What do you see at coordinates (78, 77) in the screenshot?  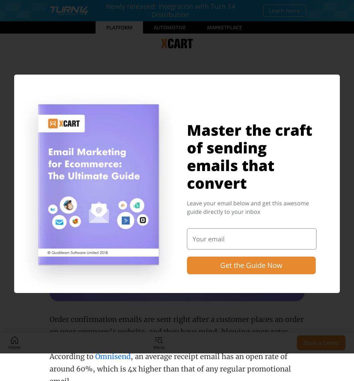 I see `'Back to Blog'` at bounding box center [78, 77].